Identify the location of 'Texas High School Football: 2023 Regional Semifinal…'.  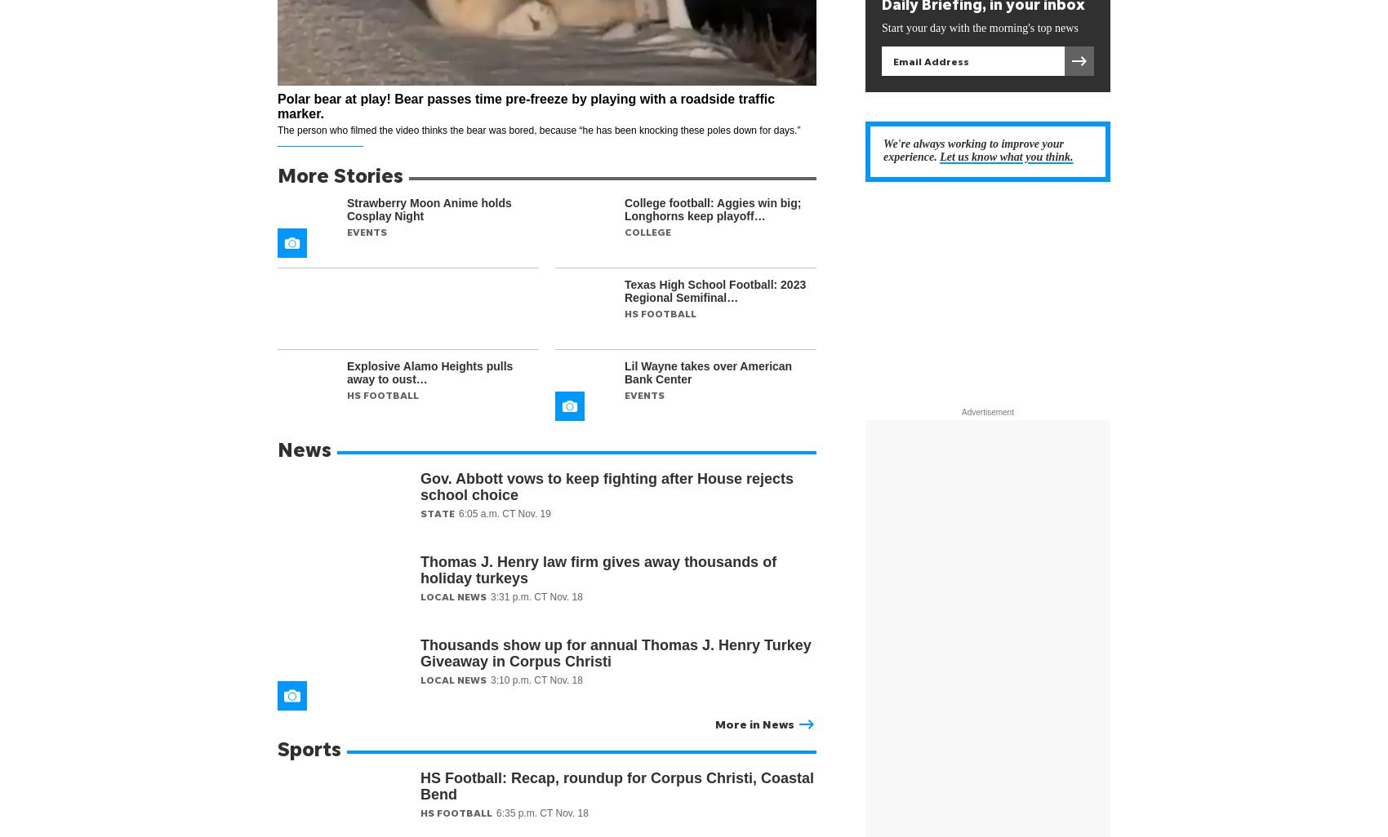
(624, 291).